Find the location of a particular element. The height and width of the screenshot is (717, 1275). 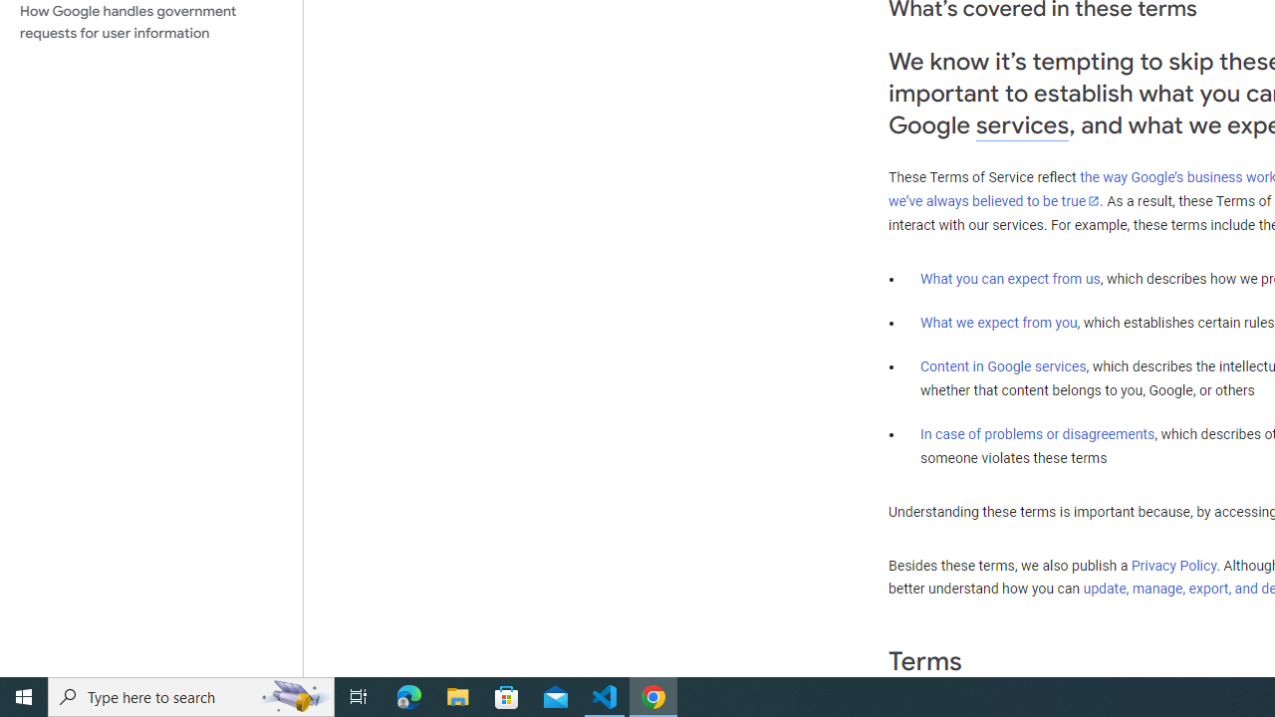

'What we expect from you' is located at coordinates (998, 322).